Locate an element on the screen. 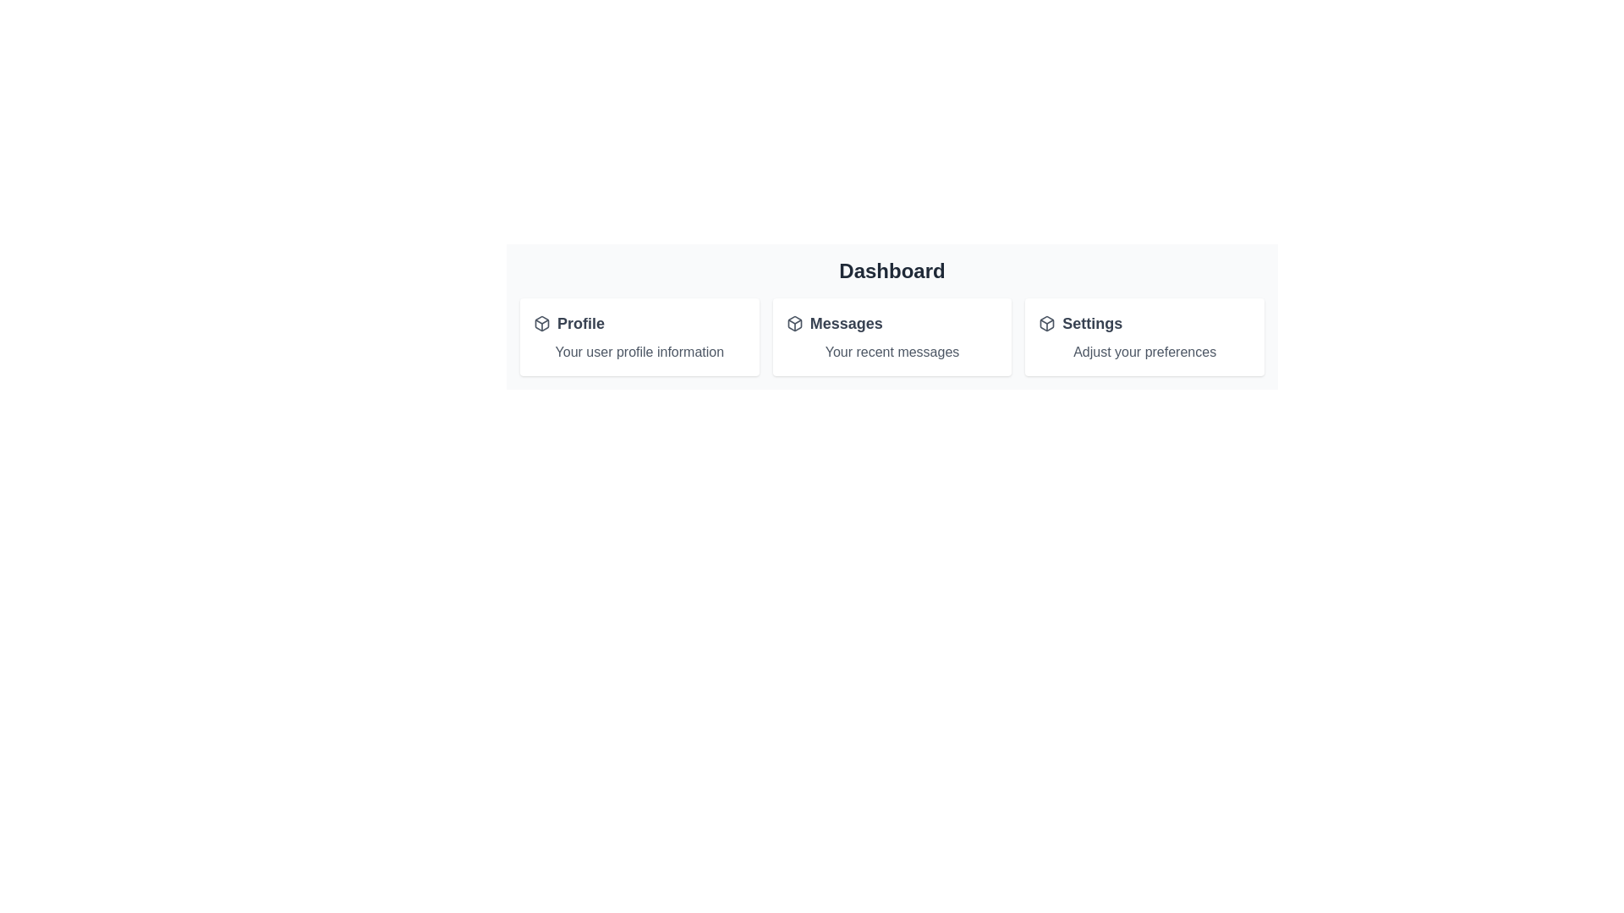  HTML of the grid layout containing navigation cards under the 'Dashboard' header, which includes sections titled 'Profile', 'Messages', and 'Settings' is located at coordinates (892, 336).